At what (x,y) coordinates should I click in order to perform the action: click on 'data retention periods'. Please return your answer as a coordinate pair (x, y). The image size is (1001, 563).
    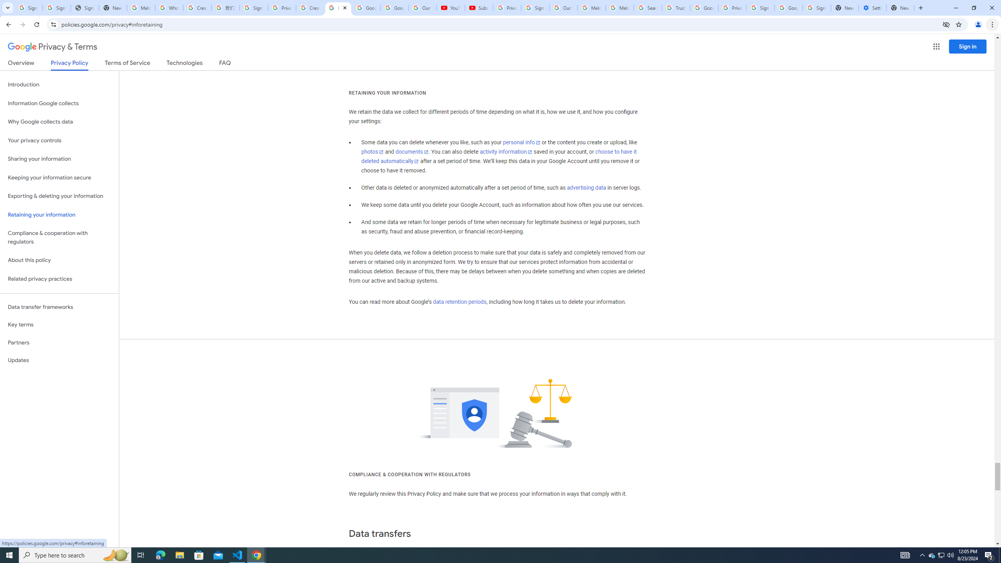
    Looking at the image, I should click on (459, 302).